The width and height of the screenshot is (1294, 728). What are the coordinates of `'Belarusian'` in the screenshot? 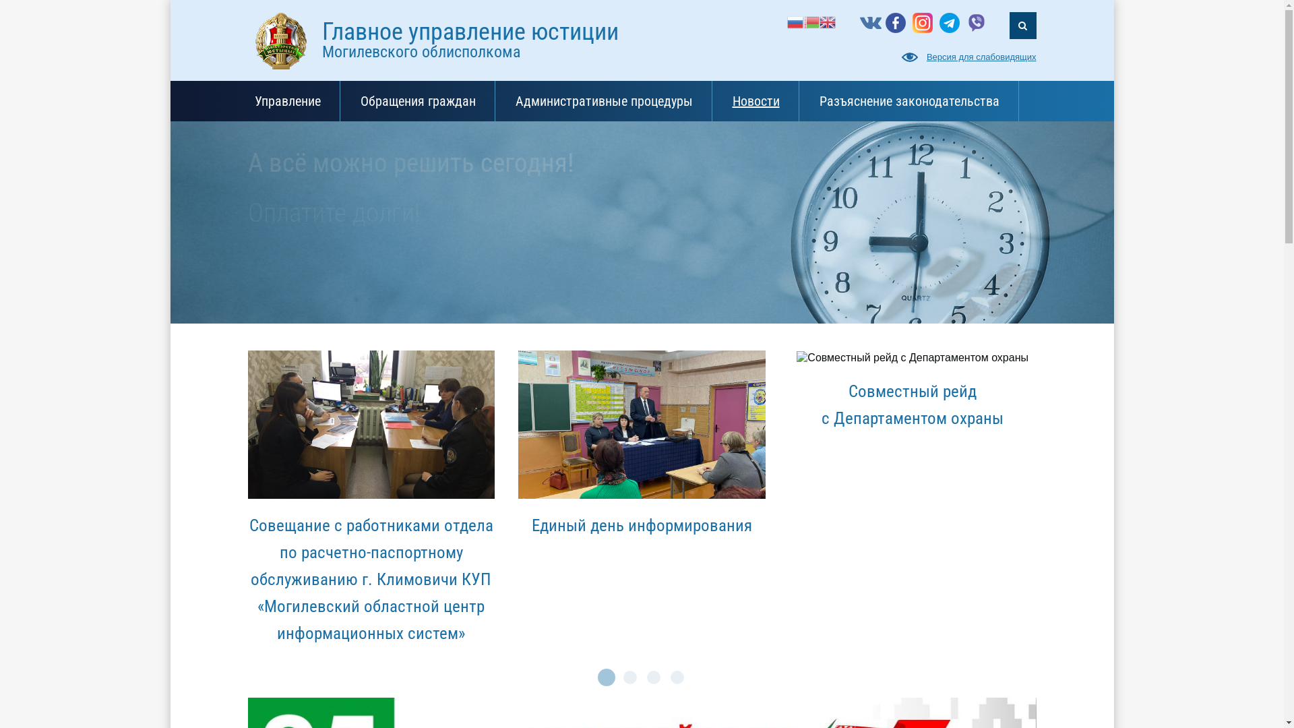 It's located at (811, 21).